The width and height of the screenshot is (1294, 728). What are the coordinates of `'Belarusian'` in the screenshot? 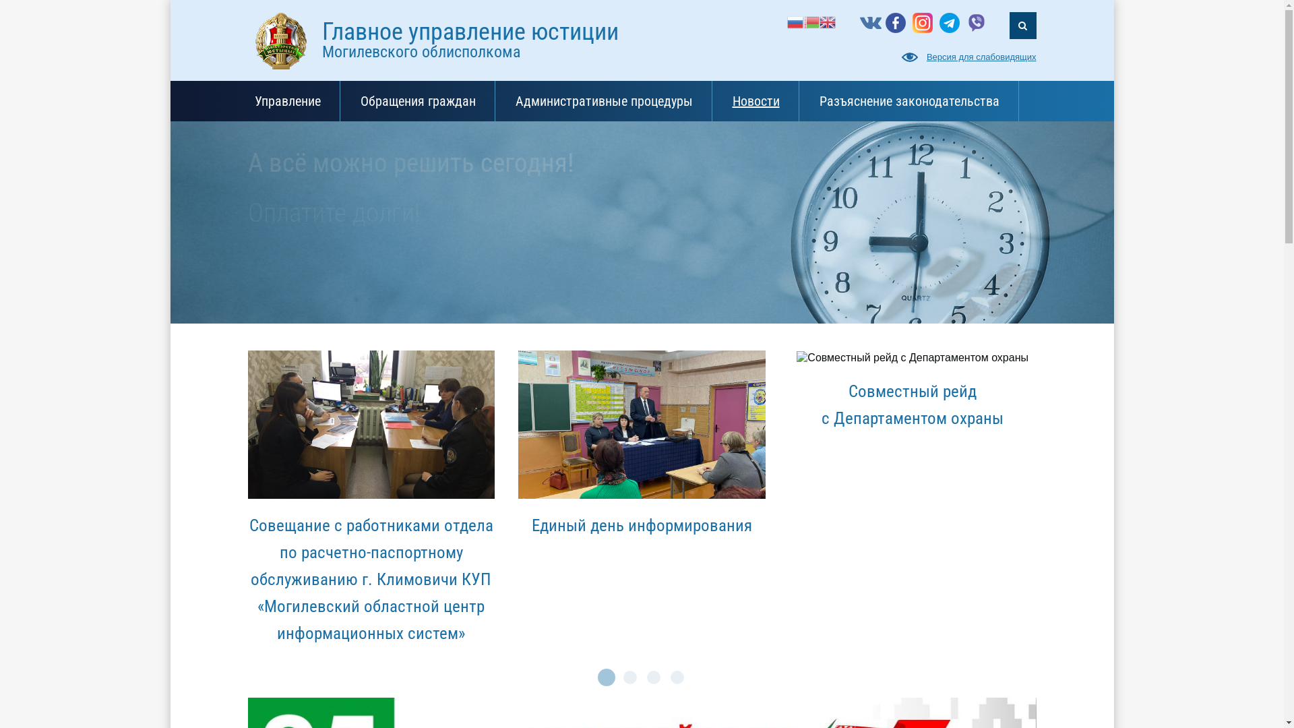 It's located at (811, 21).